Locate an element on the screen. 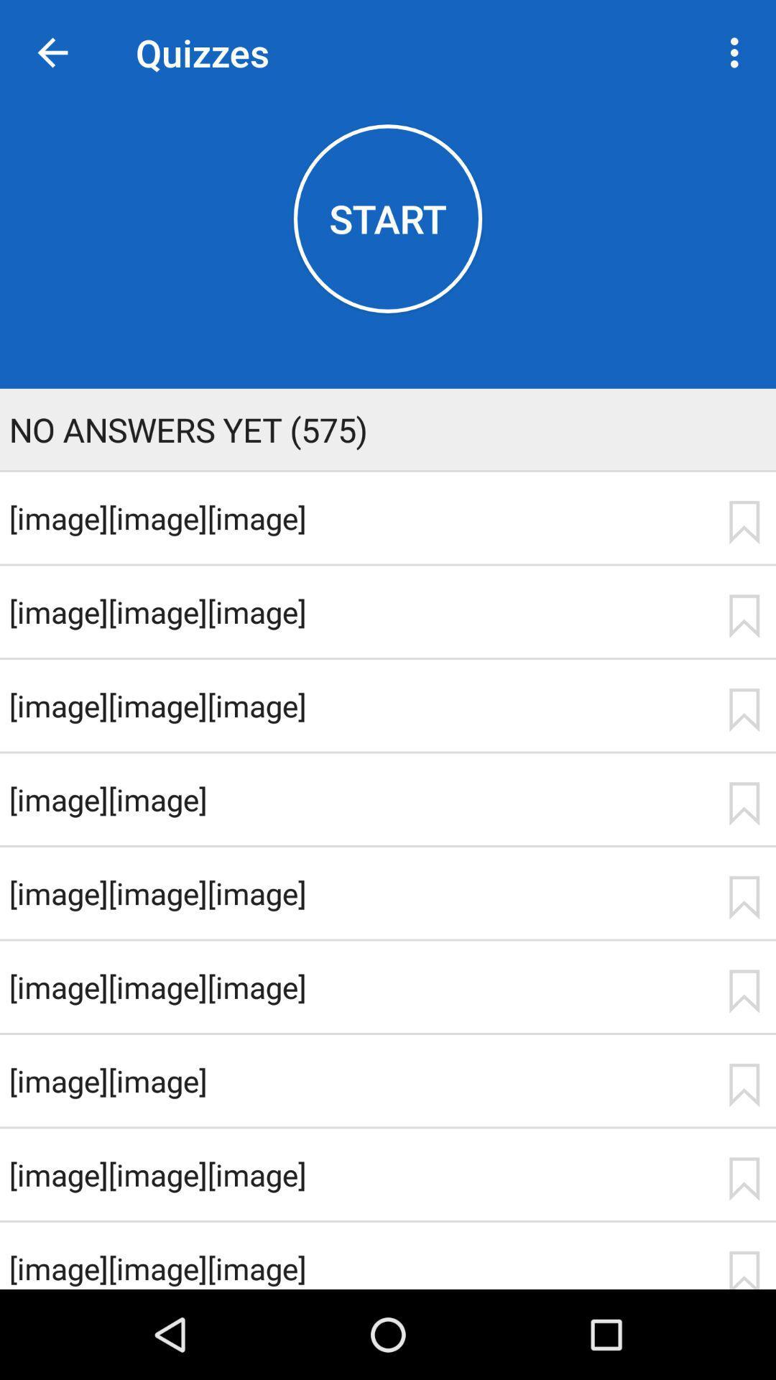 The width and height of the screenshot is (776, 1380). the item next to [image][image] item is located at coordinates (744, 1085).